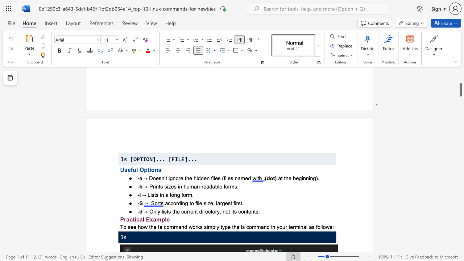 The height and width of the screenshot is (261, 464). Describe the element at coordinates (123, 227) in the screenshot. I see `the subset text "o see ho" within the text "To see how the"` at that location.